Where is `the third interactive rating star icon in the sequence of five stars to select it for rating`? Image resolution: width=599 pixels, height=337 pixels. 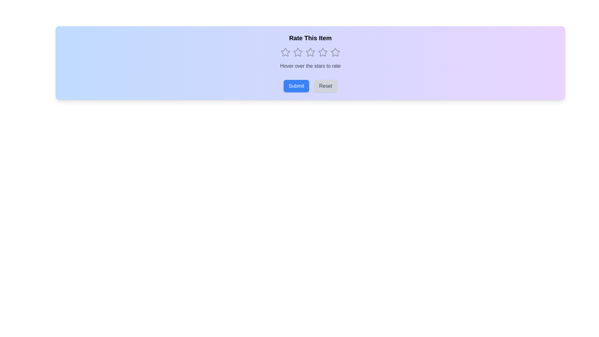
the third interactive rating star icon in the sequence of five stars to select it for rating is located at coordinates (310, 52).